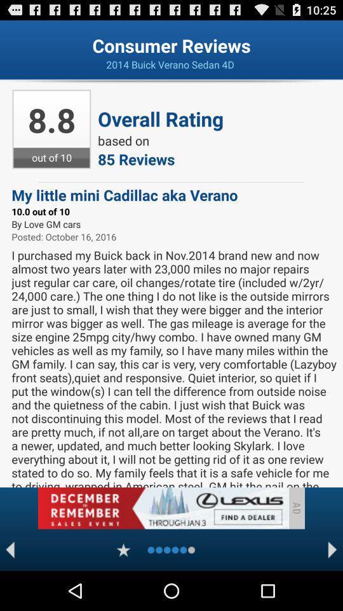 The image size is (343, 611). Describe the element at coordinates (123, 588) in the screenshot. I see `the star icon` at that location.